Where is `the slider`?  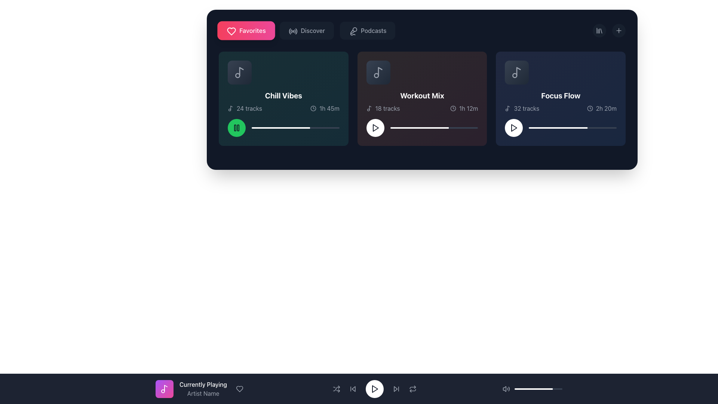 the slider is located at coordinates (272, 128).